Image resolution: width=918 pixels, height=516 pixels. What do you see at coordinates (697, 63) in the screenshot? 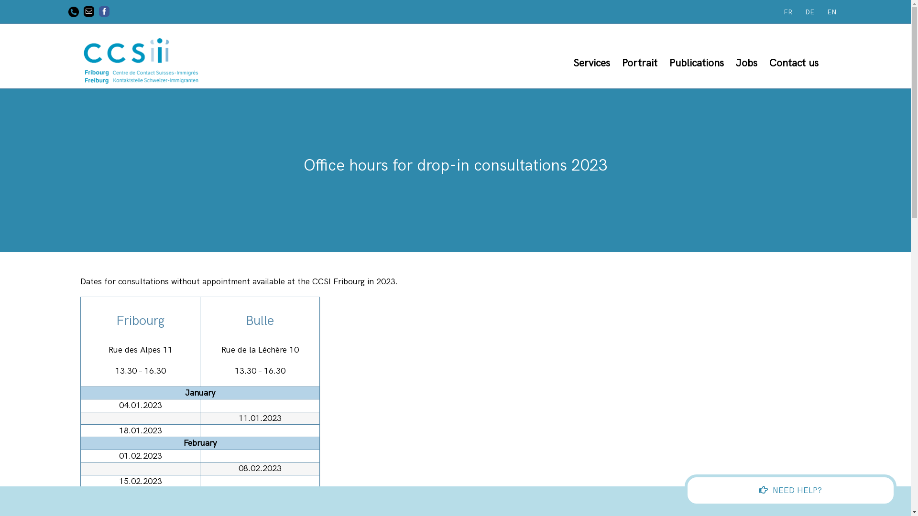
I see `'Publications'` at bounding box center [697, 63].